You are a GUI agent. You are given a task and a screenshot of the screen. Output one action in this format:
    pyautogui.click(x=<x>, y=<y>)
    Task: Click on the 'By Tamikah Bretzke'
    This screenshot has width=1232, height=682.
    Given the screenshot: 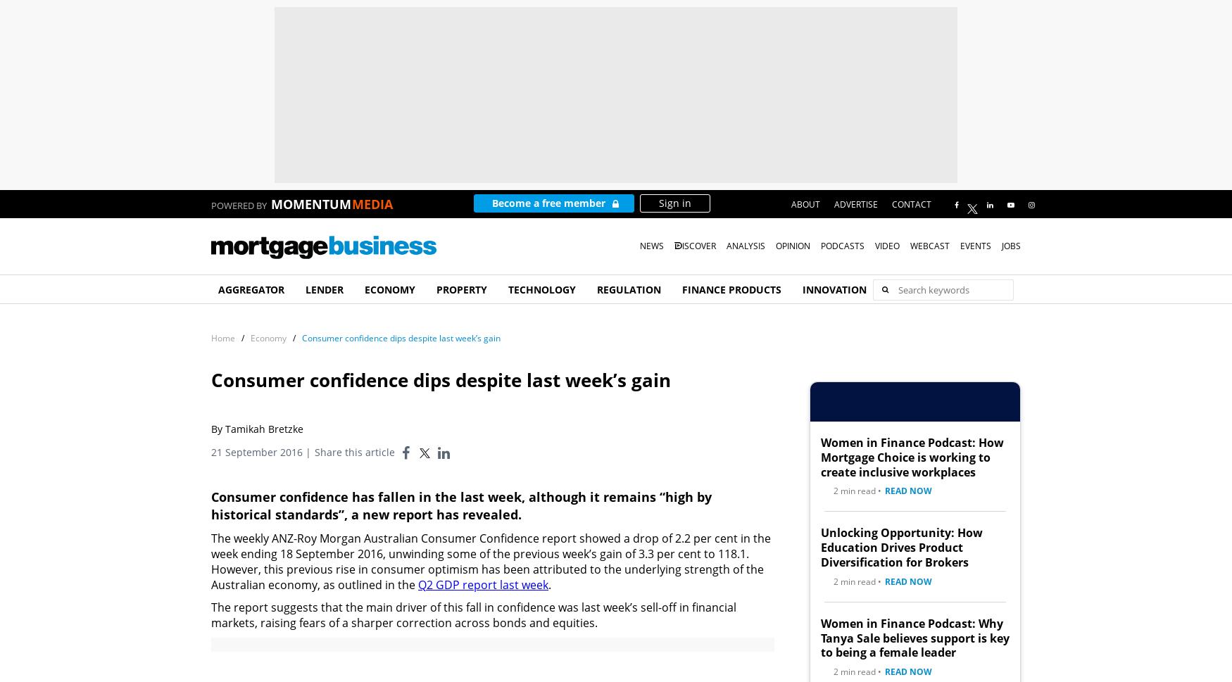 What is the action you would take?
    pyautogui.click(x=210, y=428)
    